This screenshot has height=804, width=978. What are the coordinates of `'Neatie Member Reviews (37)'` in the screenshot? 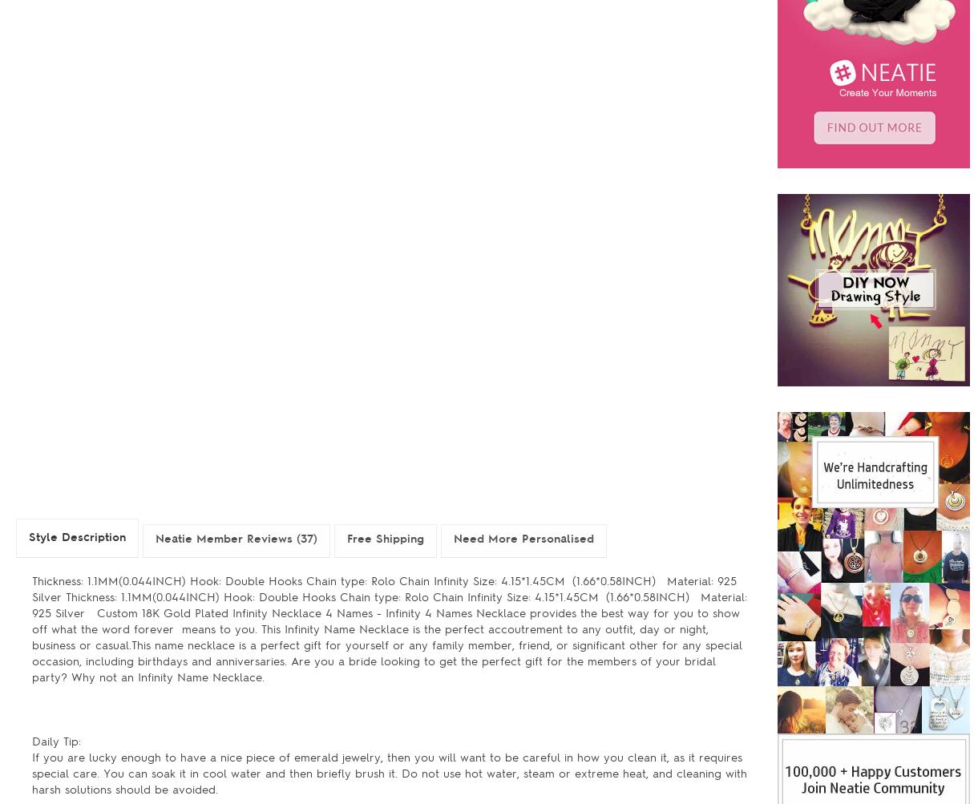 It's located at (235, 539).